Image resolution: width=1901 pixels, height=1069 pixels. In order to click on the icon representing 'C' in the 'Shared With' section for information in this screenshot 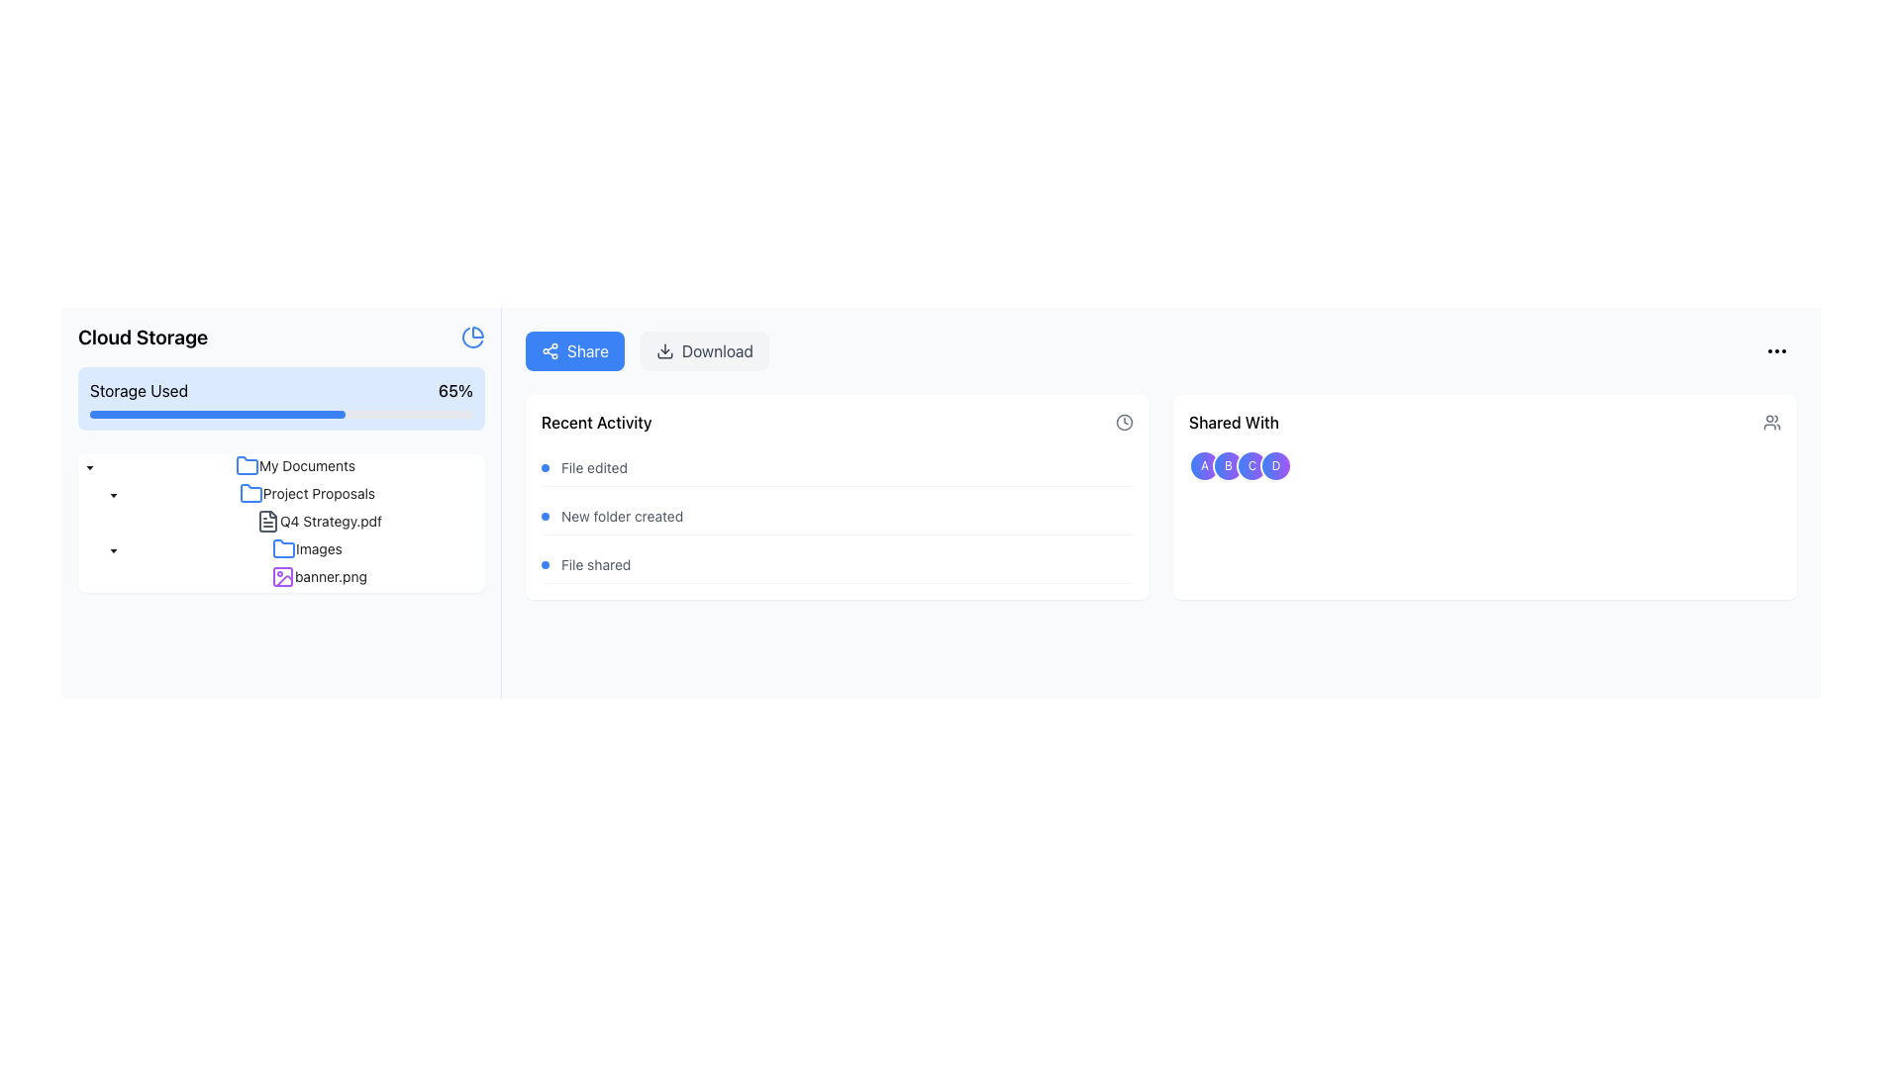, I will do `click(1251, 465)`.